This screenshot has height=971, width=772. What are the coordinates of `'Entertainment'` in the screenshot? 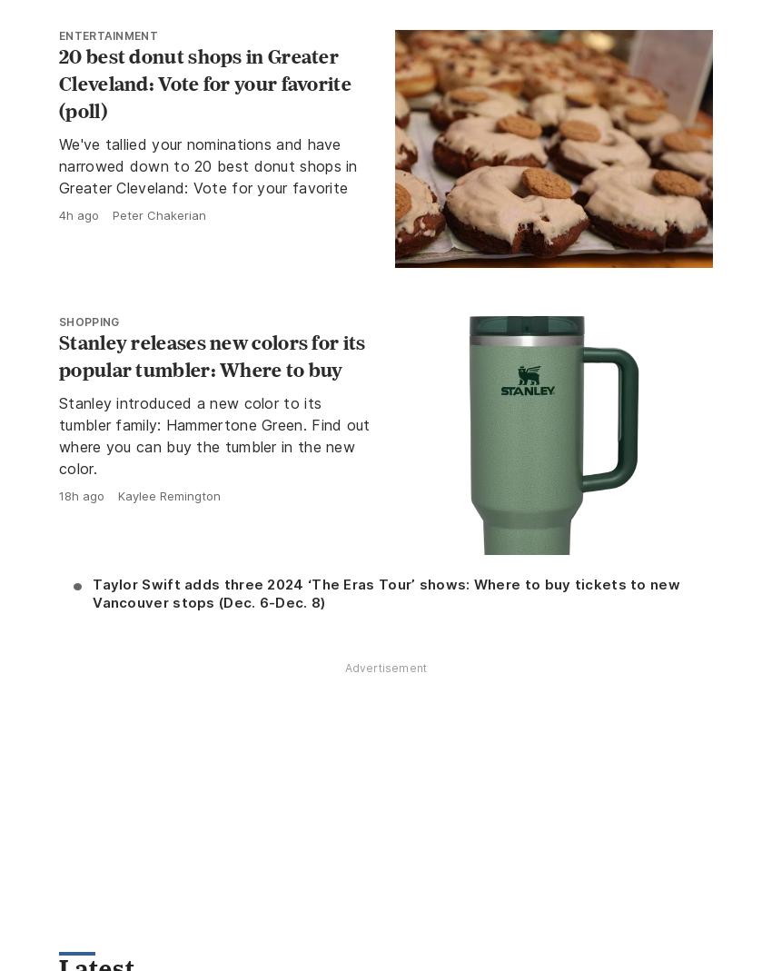 It's located at (107, 34).